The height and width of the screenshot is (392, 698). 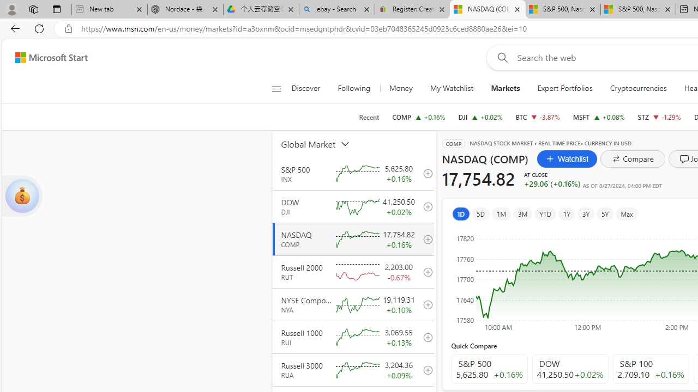 What do you see at coordinates (504, 88) in the screenshot?
I see `'Markets'` at bounding box center [504, 88].